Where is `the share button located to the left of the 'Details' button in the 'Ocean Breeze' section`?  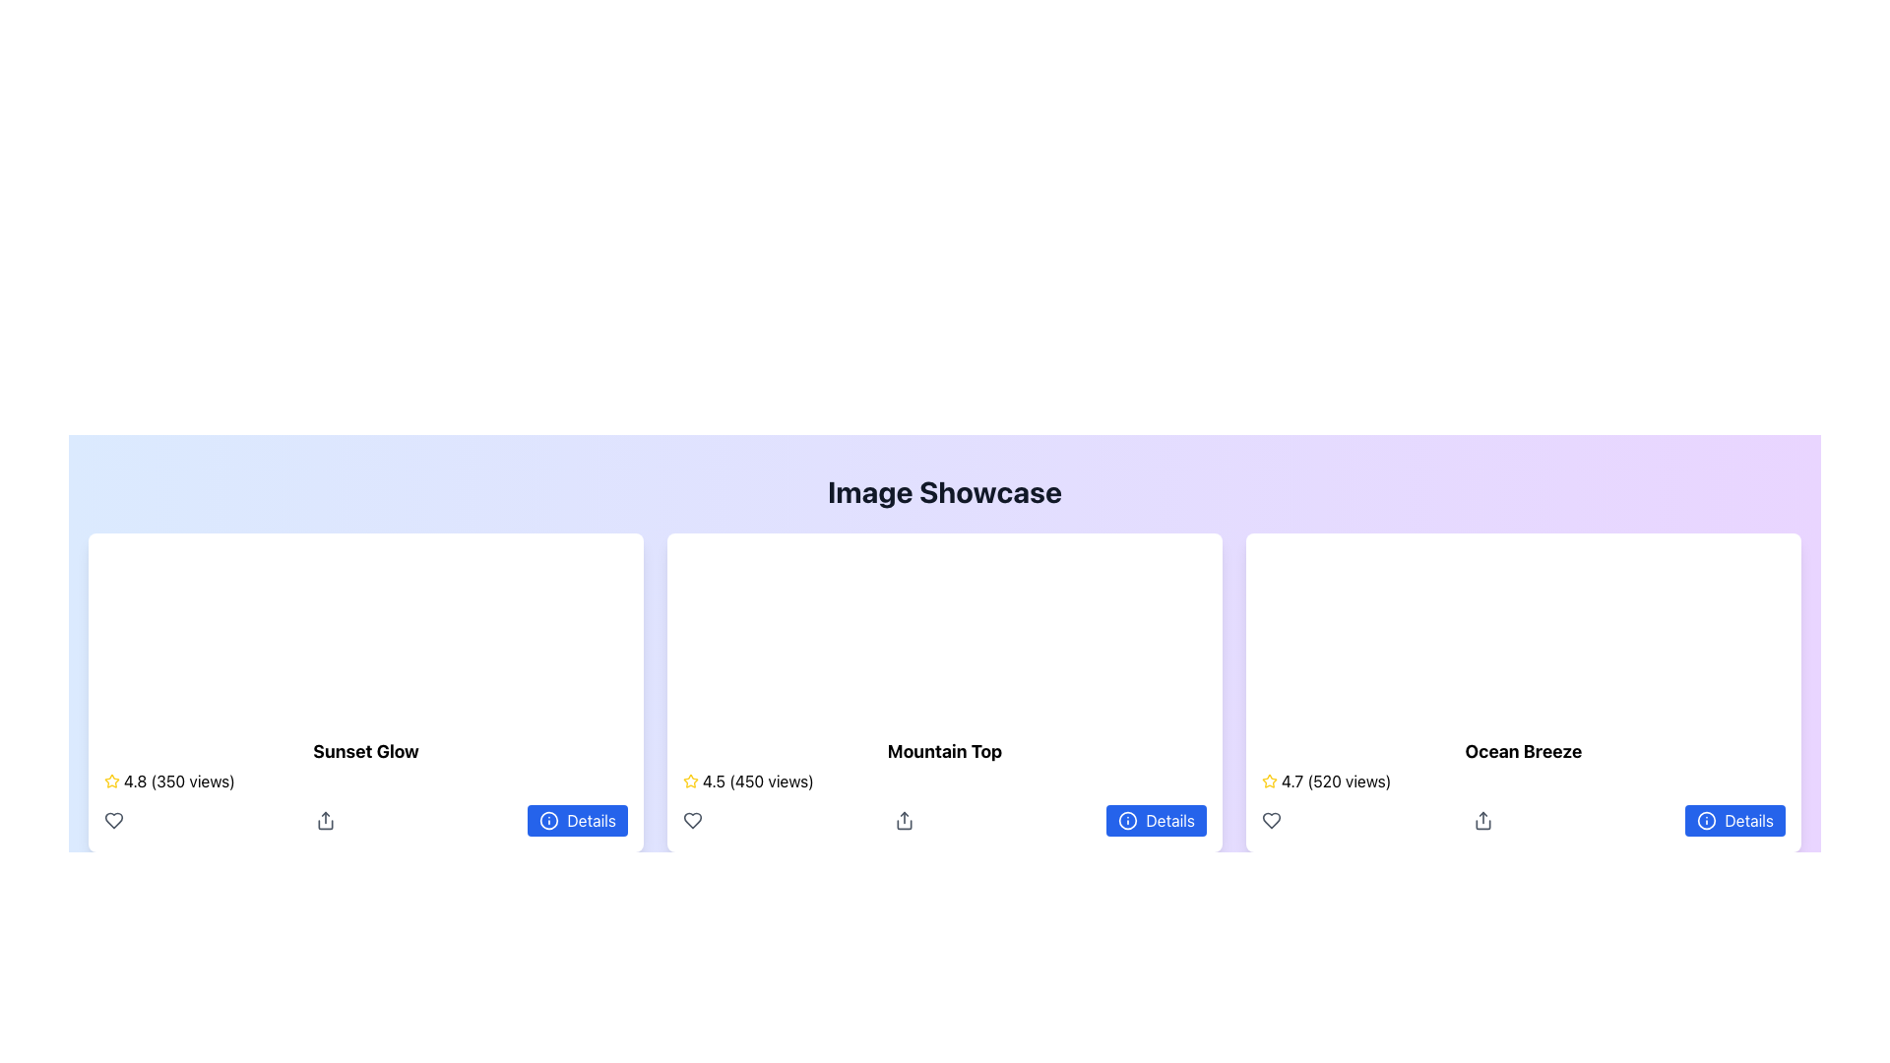 the share button located to the left of the 'Details' button in the 'Ocean Breeze' section is located at coordinates (1483, 820).